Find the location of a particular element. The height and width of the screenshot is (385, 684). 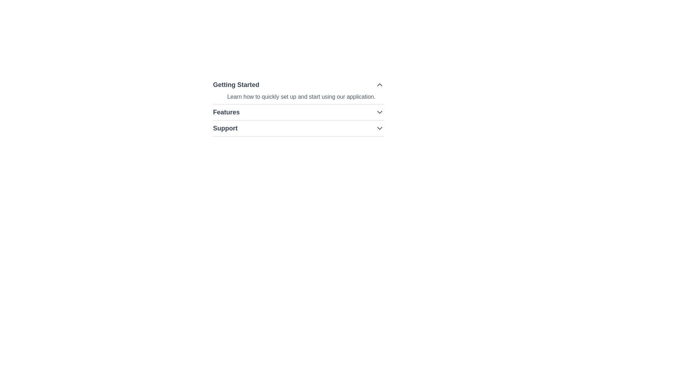

the Chevron indicator icon (downward arrow) on the right side of the 'Support' row is located at coordinates (379, 128).